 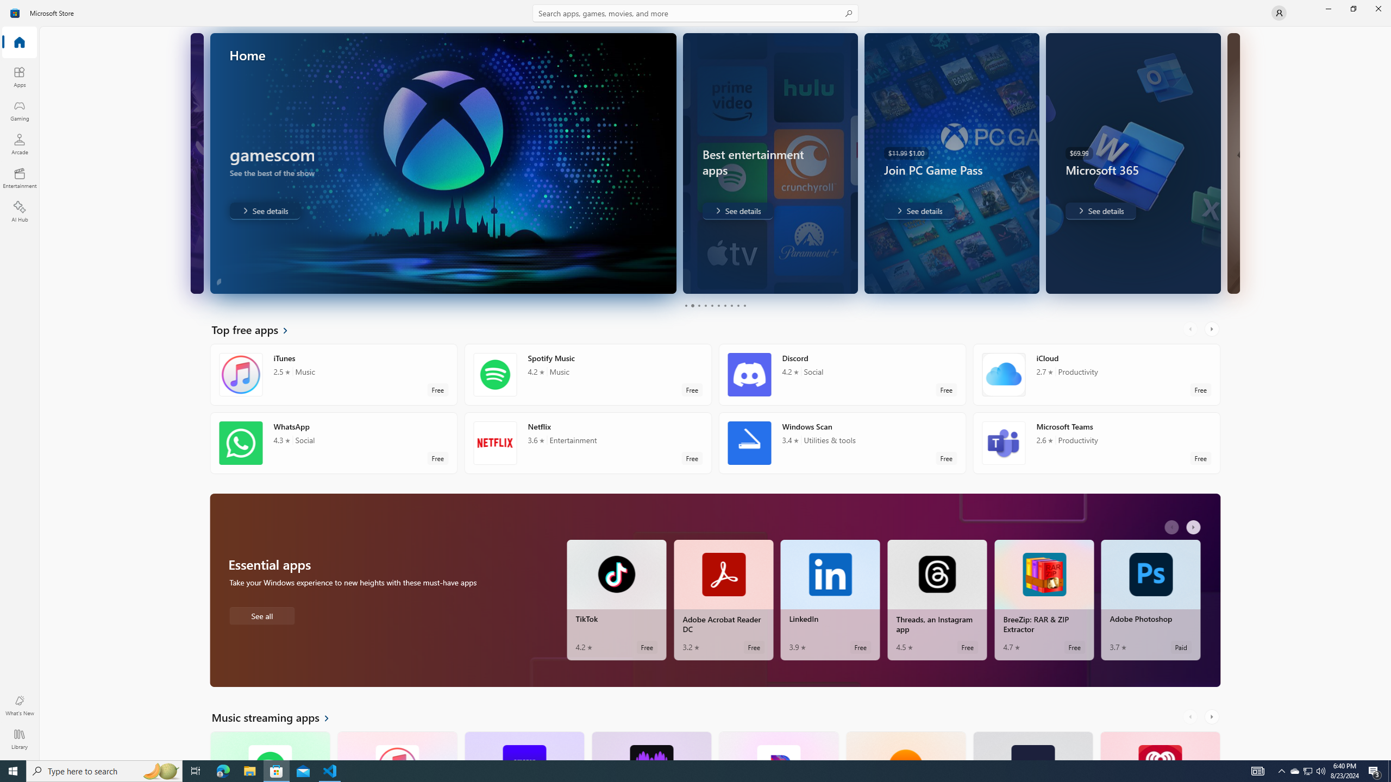 I want to click on 'AutomationID: LeftScrollButton', so click(x=1191, y=717).